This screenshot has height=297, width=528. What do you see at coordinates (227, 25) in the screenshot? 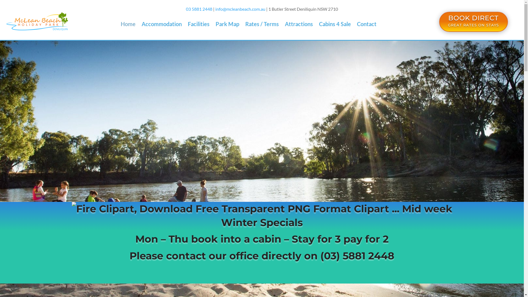
I see `'Park Map'` at bounding box center [227, 25].